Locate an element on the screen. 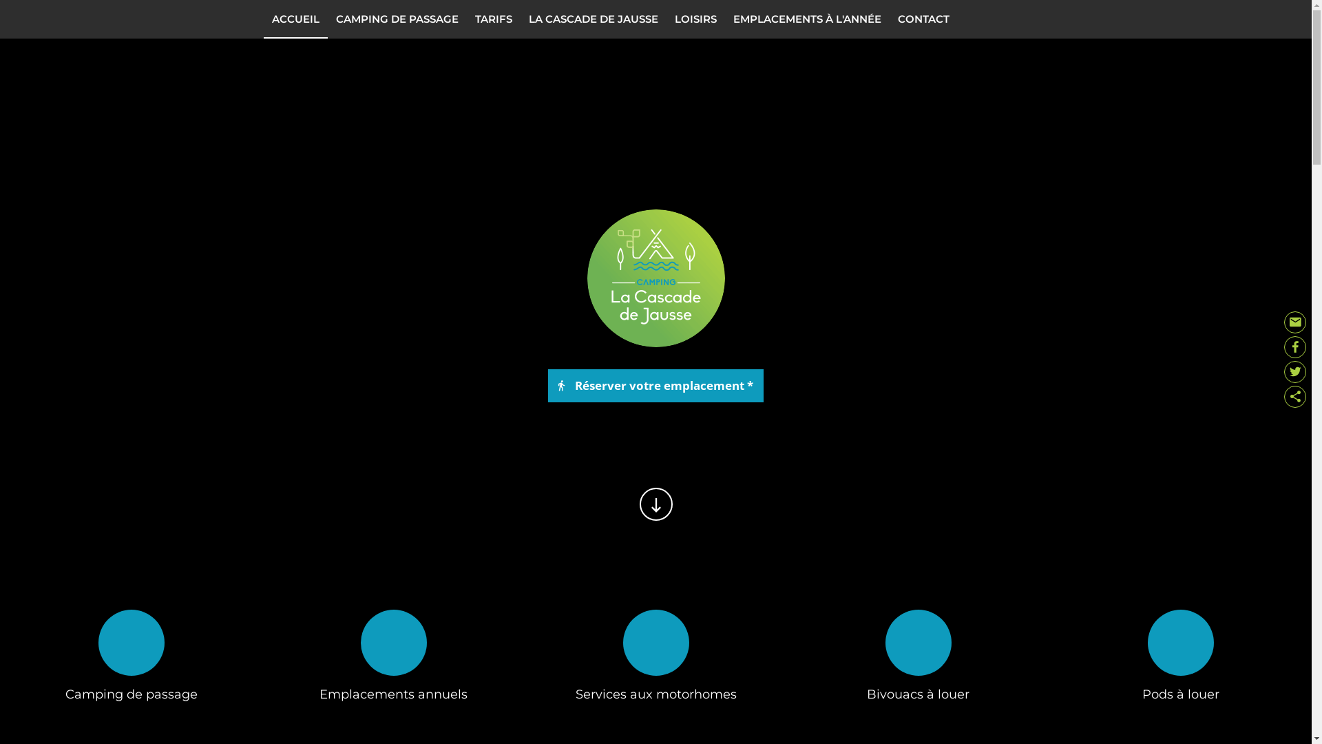 This screenshot has width=1322, height=744. 'LA CASCADE DE JAUSSE' is located at coordinates (594, 19).